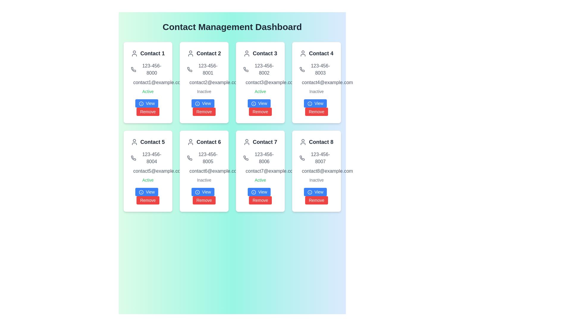 The width and height of the screenshot is (571, 321). What do you see at coordinates (316, 92) in the screenshot?
I see `the 'Inactive' status label of 'Contact 4', which is located in the bottom section of the card, beneath the email information and above the 'View' and 'Remove' buttons` at bounding box center [316, 92].